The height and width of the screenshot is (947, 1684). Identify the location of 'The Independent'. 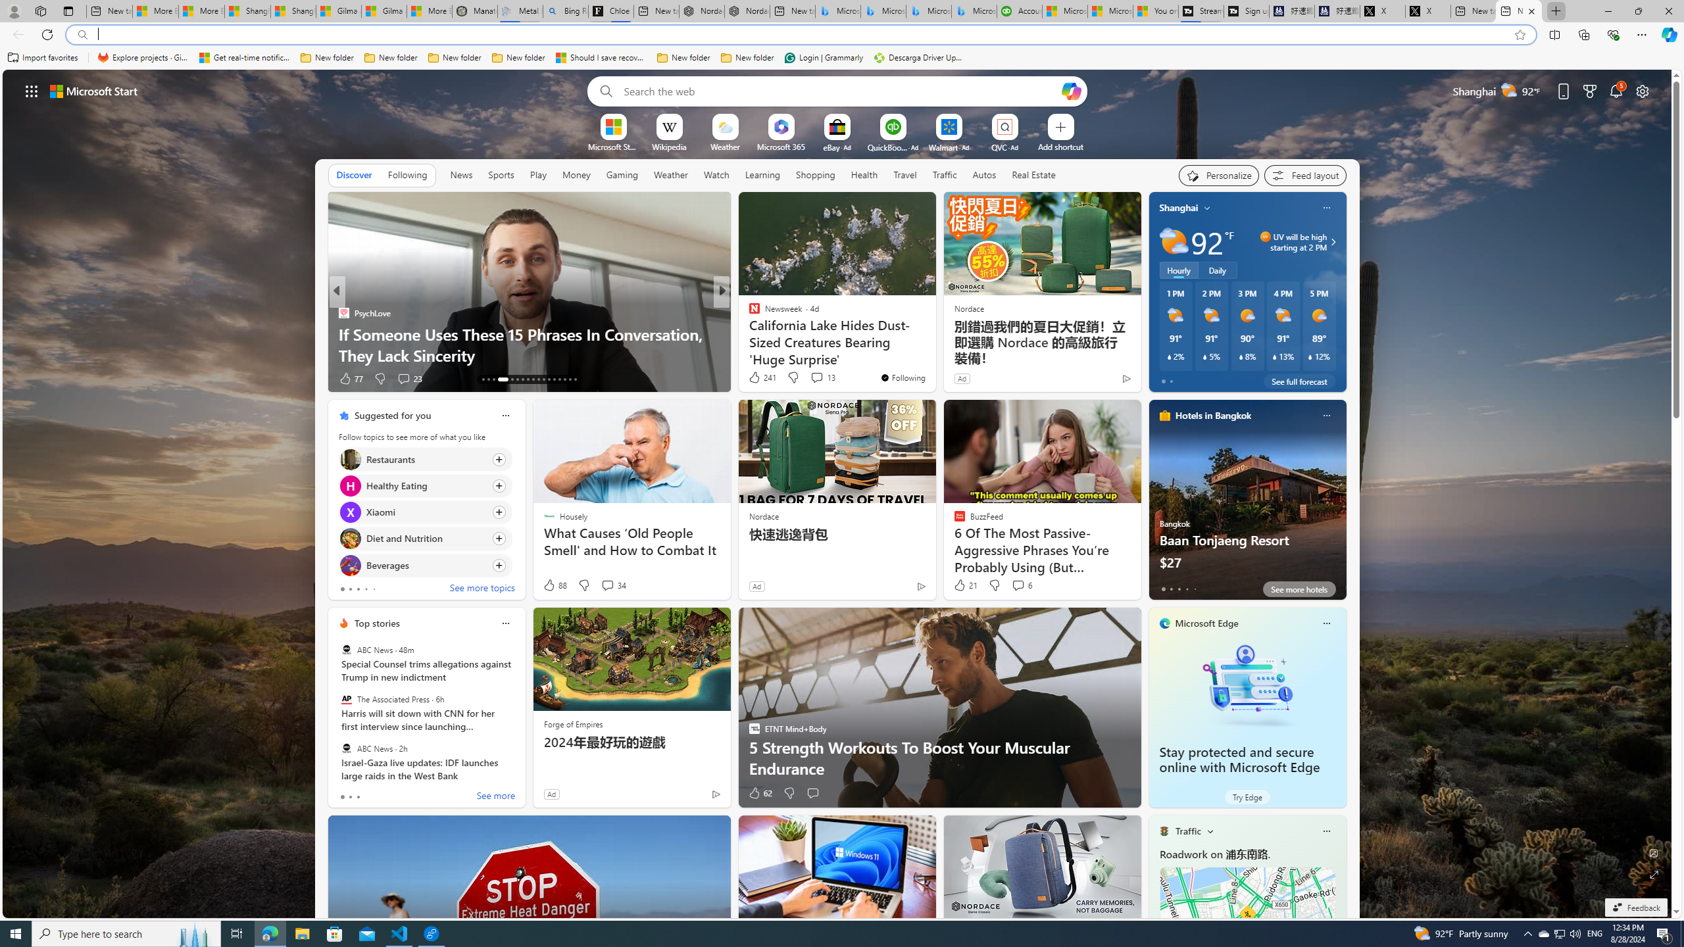
(748, 312).